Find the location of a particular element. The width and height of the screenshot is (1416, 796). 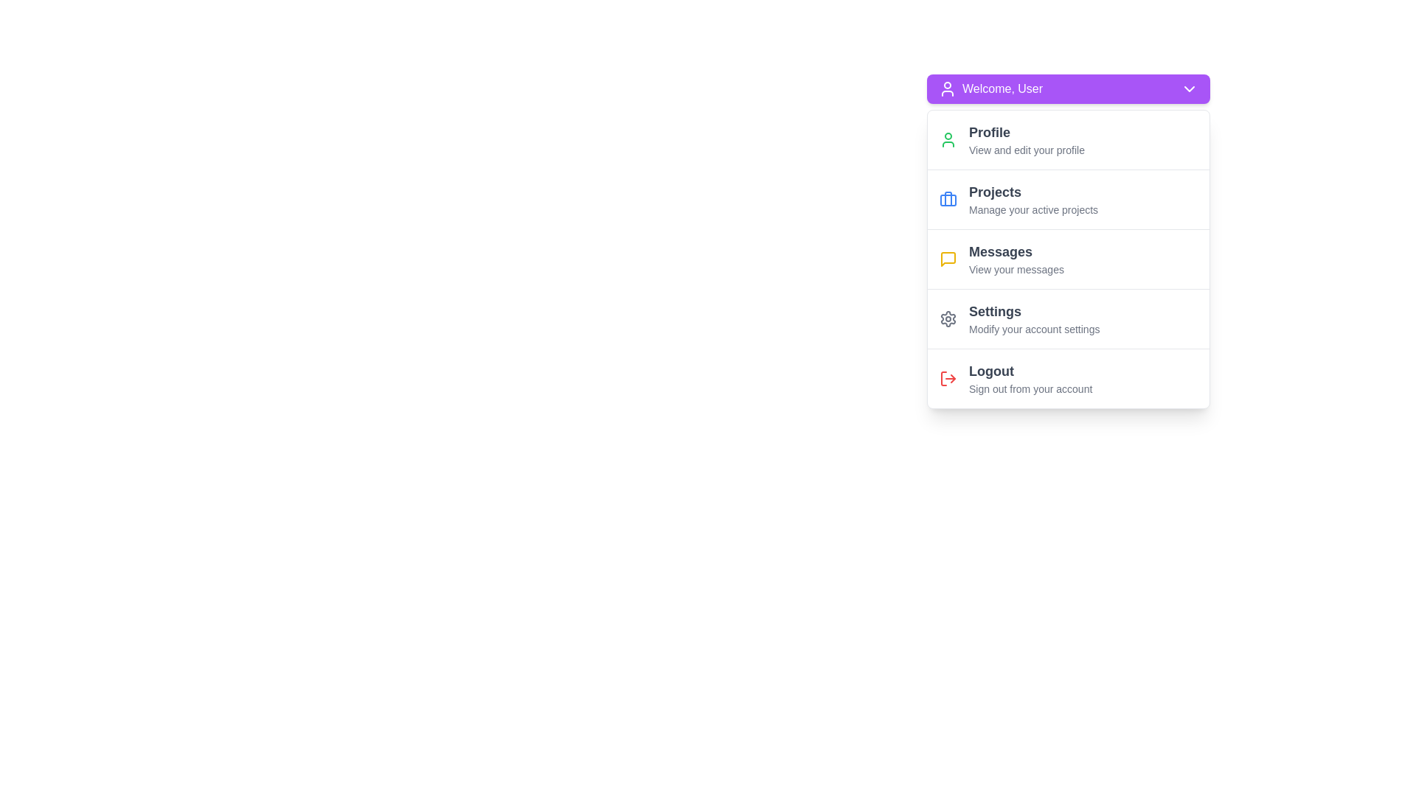

text from the second line of the 'Projects' section, which provides additional information related to the 'Projects' header is located at coordinates (1032, 210).